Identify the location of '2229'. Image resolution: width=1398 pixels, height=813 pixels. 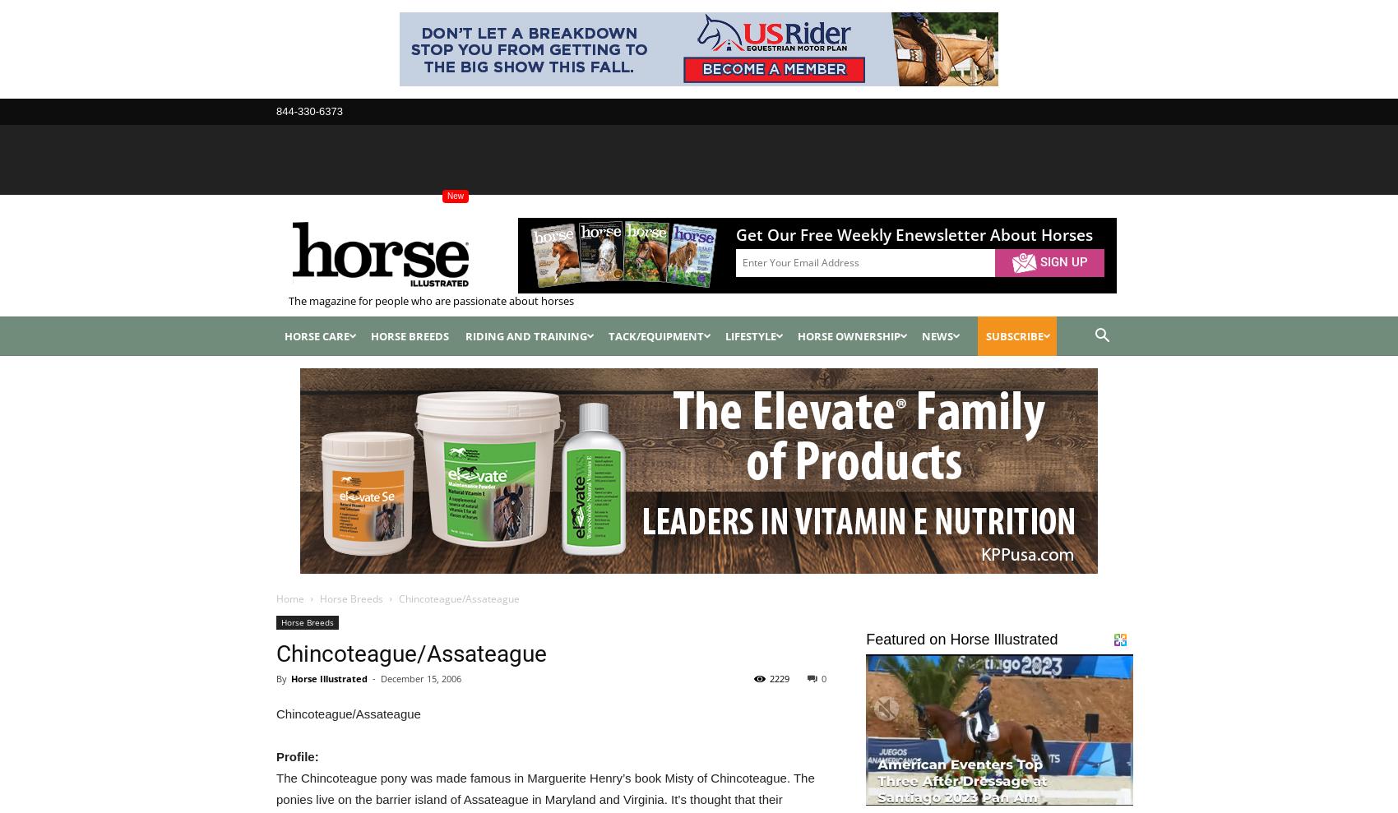
(779, 677).